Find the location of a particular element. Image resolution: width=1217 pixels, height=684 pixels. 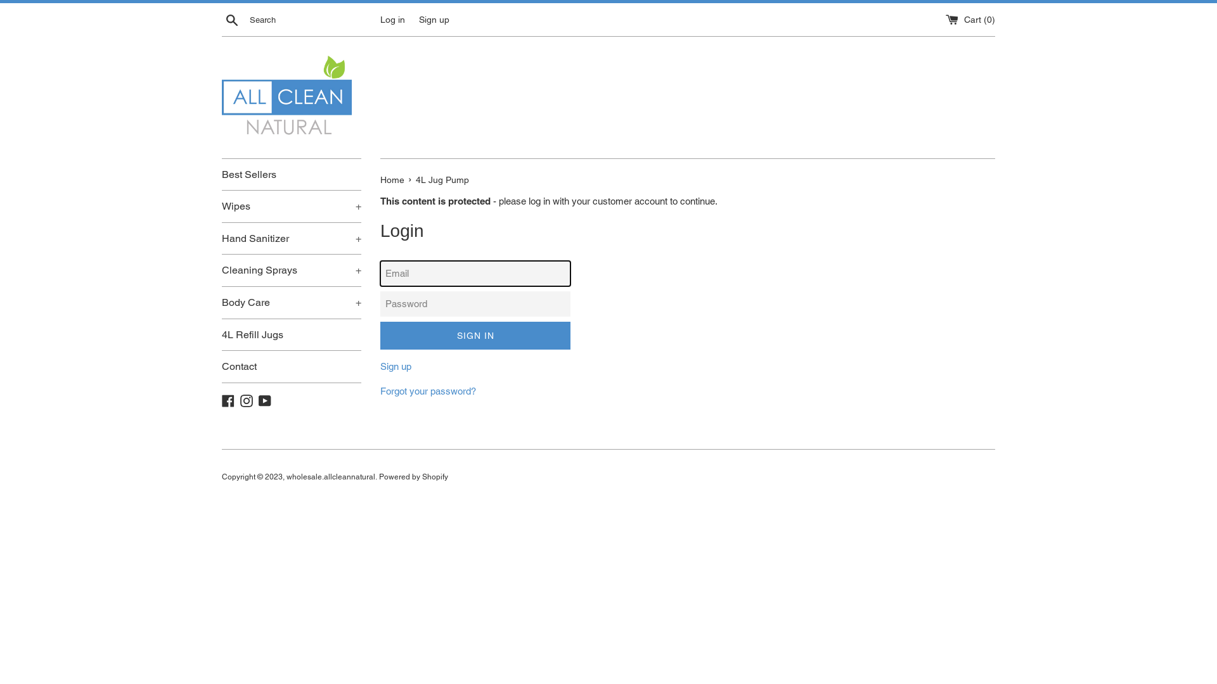

'Cart (0)' is located at coordinates (970, 19).